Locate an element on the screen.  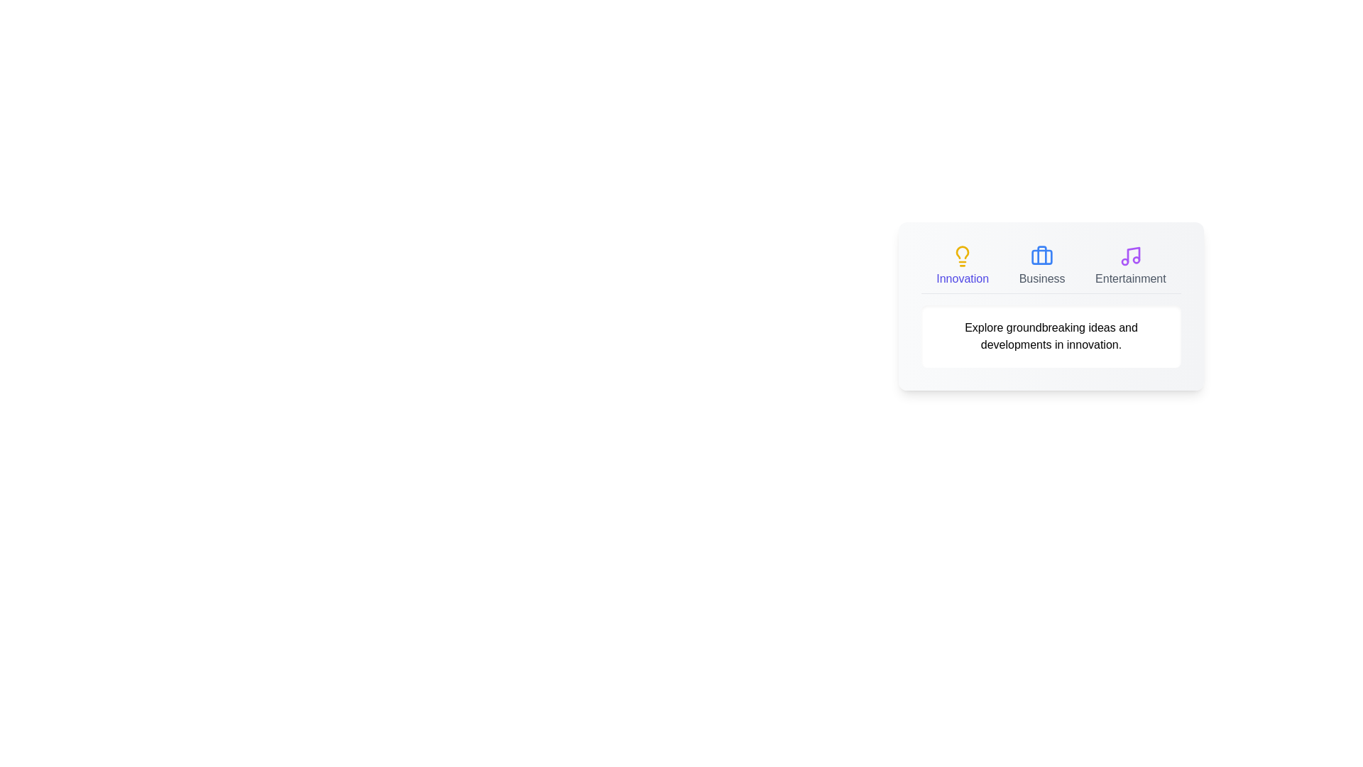
the tab button corresponding to Business is located at coordinates (1042, 266).